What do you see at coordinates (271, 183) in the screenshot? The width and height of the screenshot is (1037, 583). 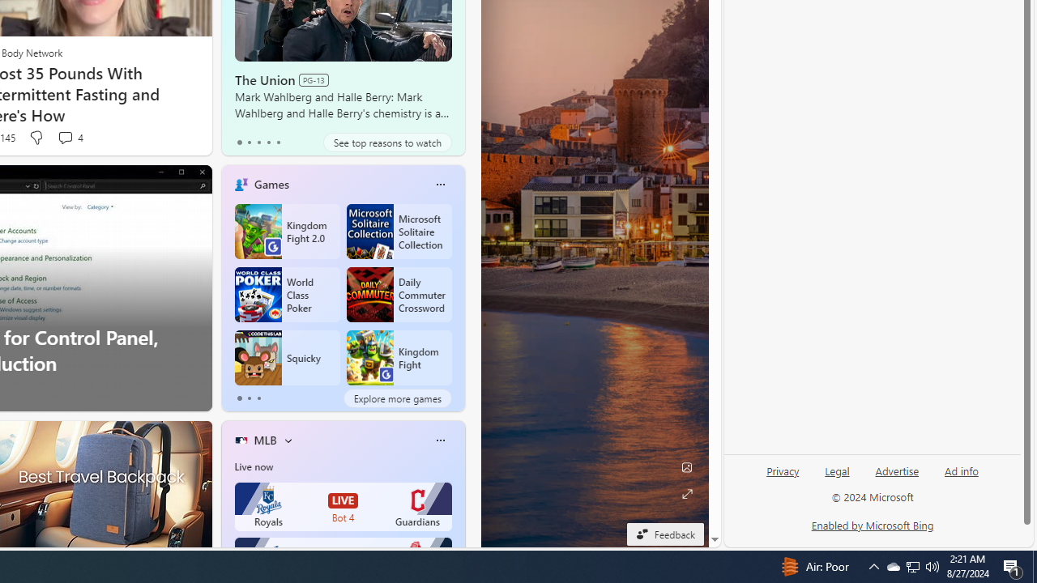 I see `'Games'` at bounding box center [271, 183].